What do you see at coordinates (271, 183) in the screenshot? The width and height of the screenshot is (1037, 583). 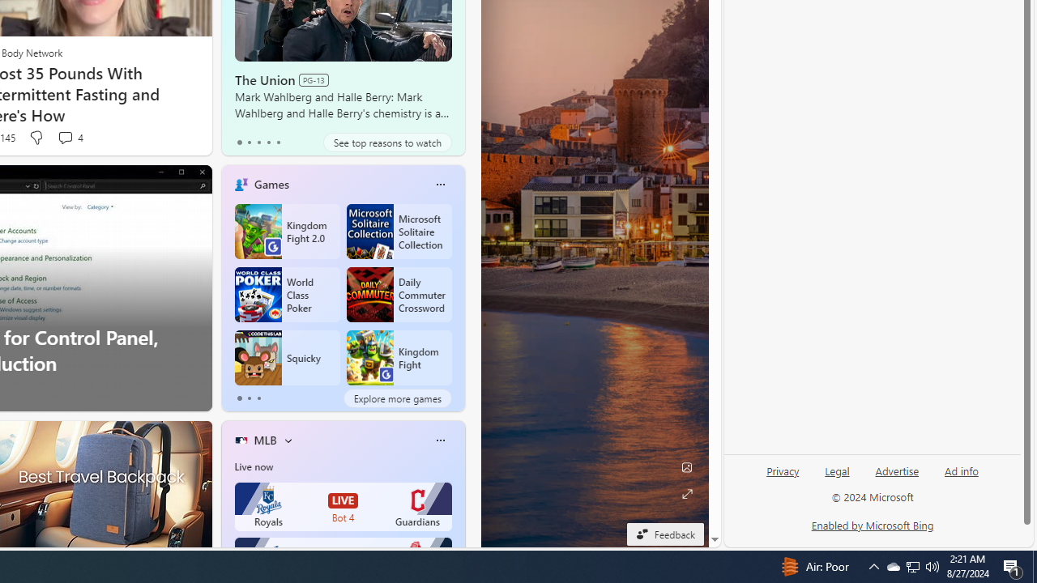 I see `'Games'` at bounding box center [271, 183].